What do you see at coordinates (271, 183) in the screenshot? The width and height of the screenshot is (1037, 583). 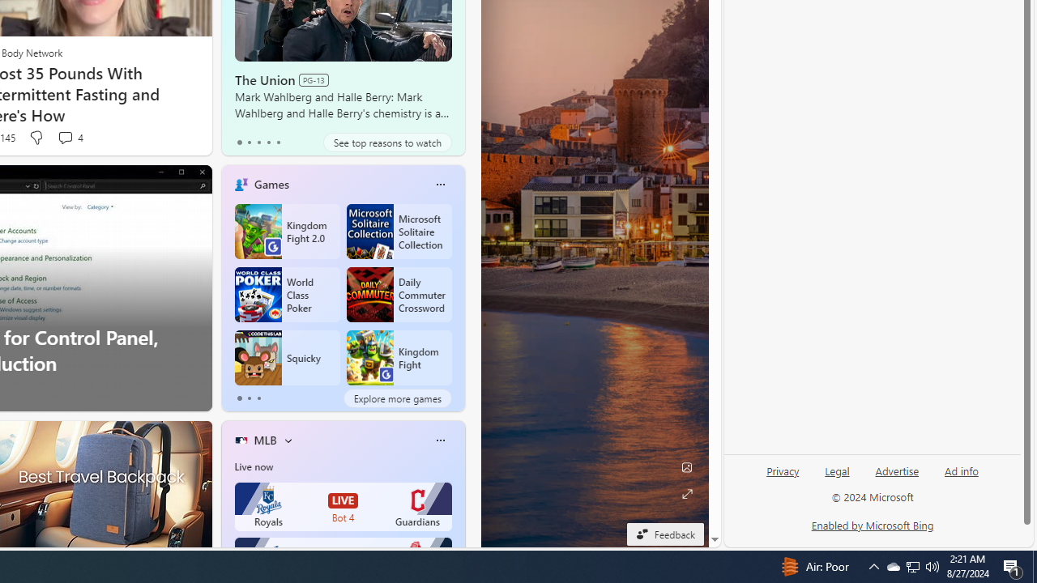 I see `'Games'` at bounding box center [271, 183].